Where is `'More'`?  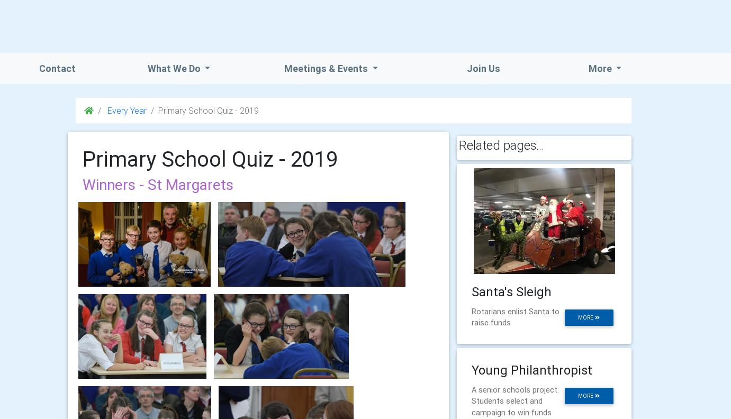
'More' is located at coordinates (600, 68).